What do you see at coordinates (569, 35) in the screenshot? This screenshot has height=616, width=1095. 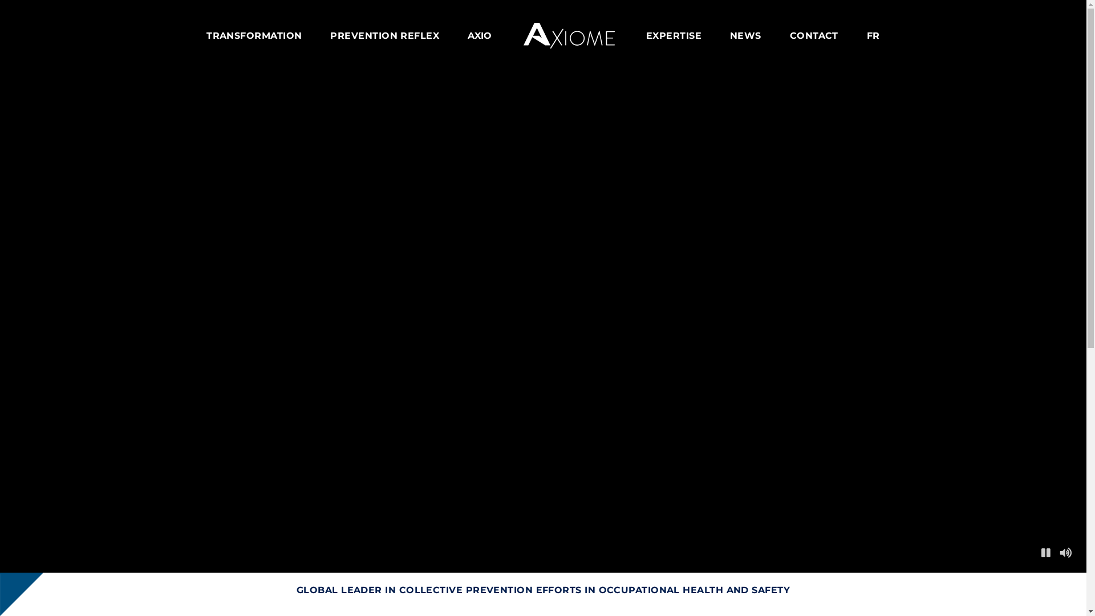 I see `'Axiome'` at bounding box center [569, 35].